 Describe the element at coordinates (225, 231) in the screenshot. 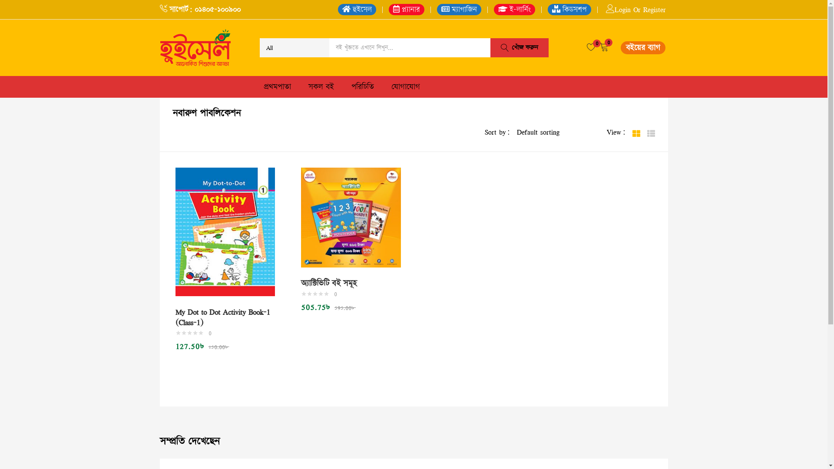

I see `'My Dot to Dot Activity Book-1 (Class-1)'` at that location.